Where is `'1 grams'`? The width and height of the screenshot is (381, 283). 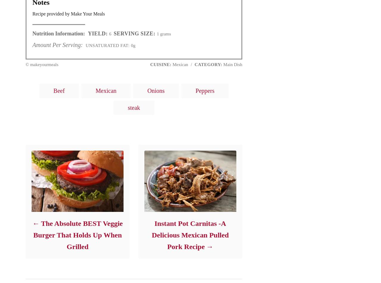 '1 grams' is located at coordinates (155, 34).